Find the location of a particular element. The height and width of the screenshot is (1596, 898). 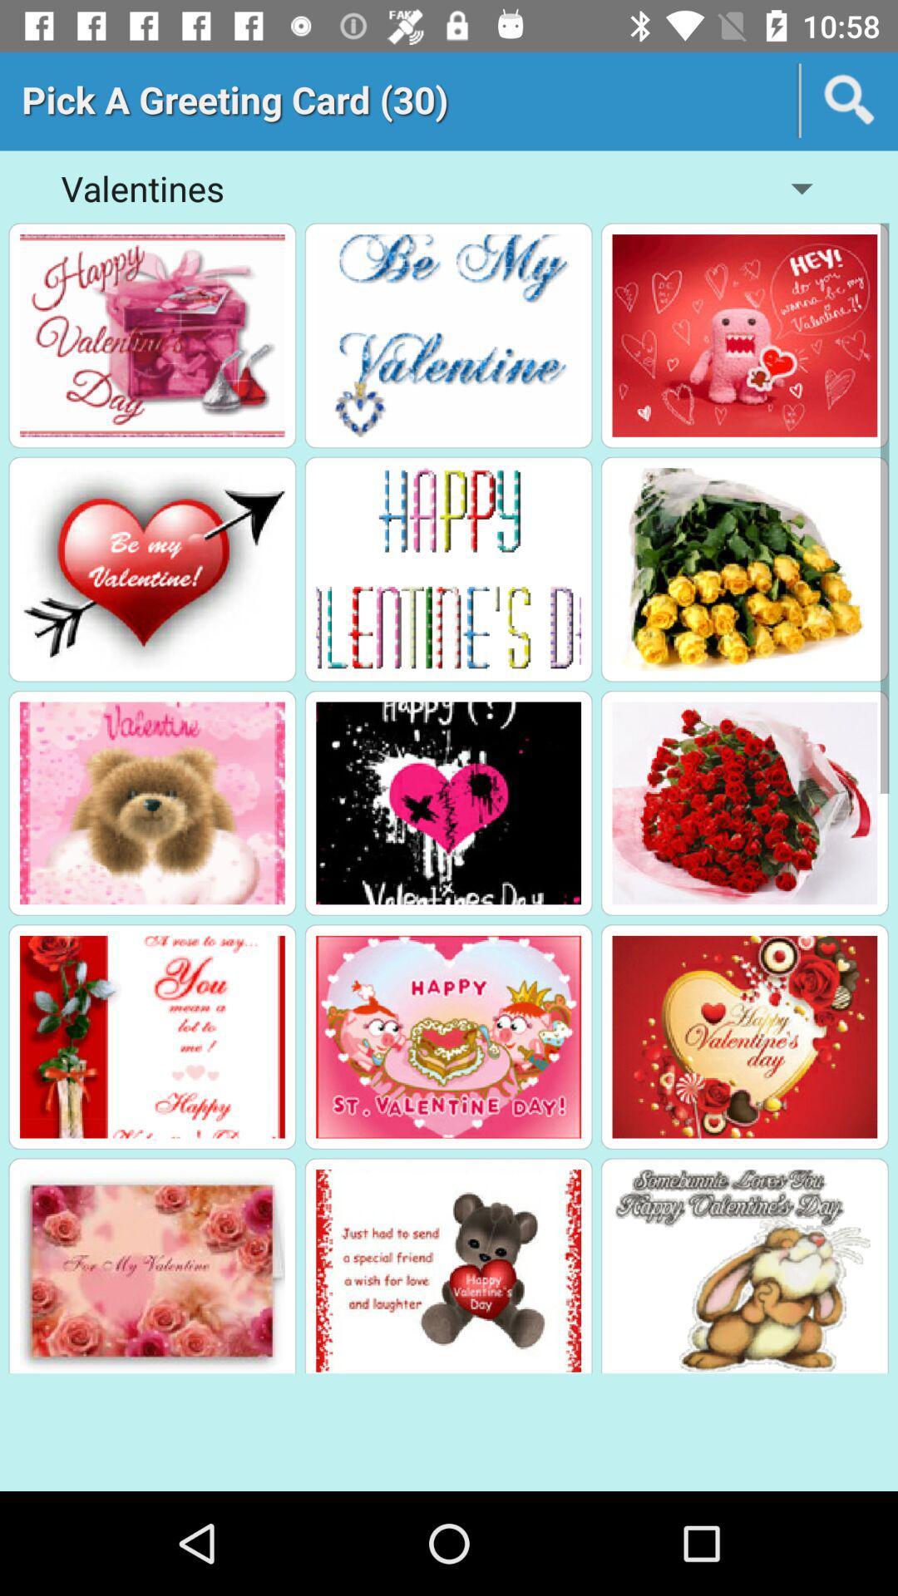

the first image in fourth row is located at coordinates (152, 1037).